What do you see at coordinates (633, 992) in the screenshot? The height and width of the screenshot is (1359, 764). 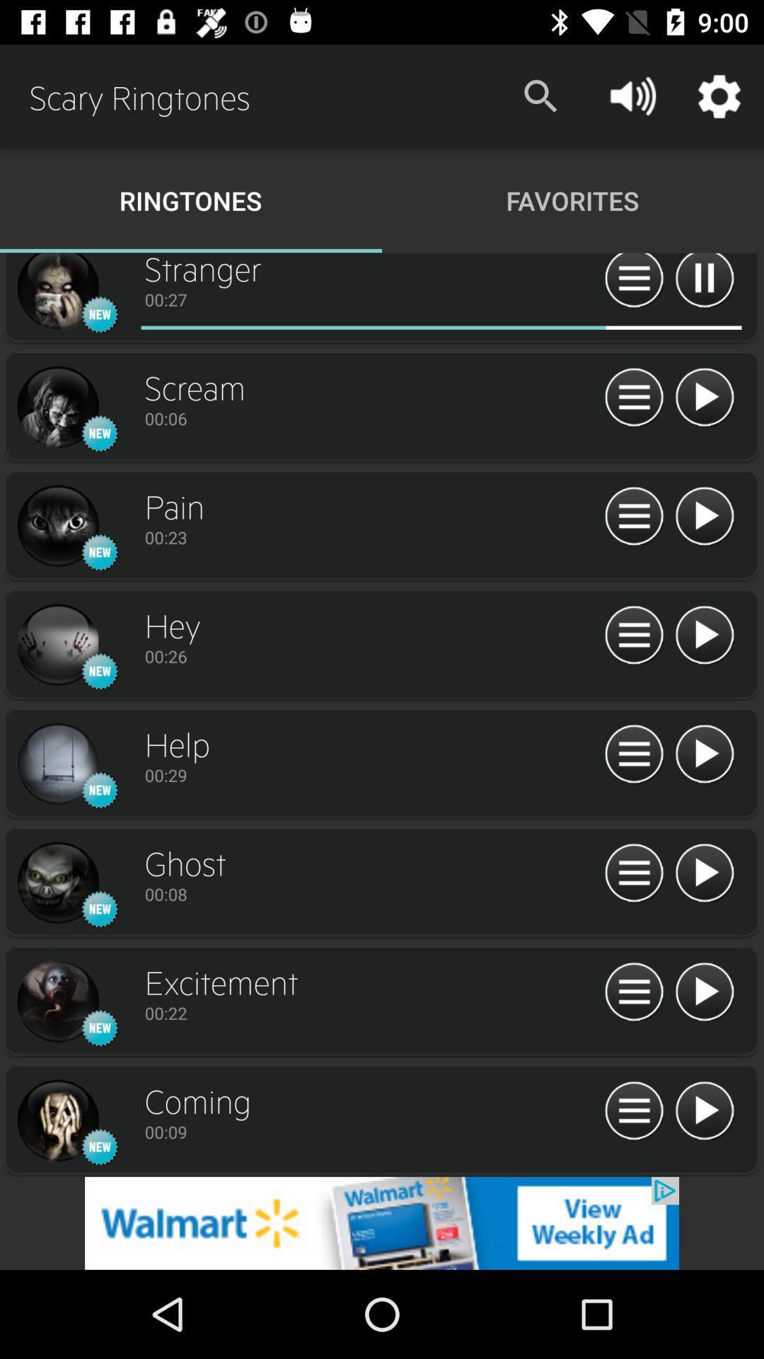 I see `open menu` at bounding box center [633, 992].